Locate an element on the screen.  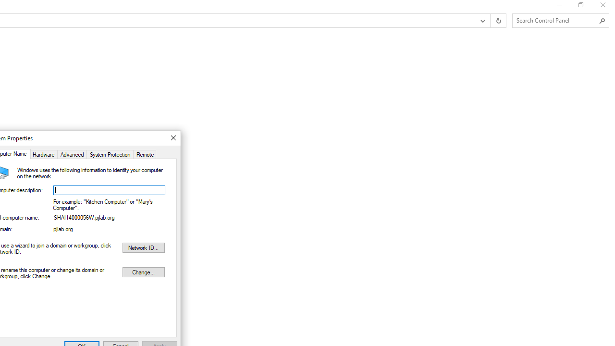
'Computer description:' is located at coordinates (109, 190).